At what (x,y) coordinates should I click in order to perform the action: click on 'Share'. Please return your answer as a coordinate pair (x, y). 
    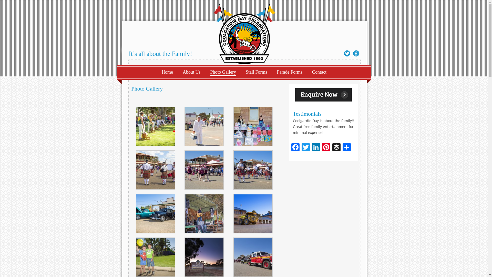
    Looking at the image, I should click on (346, 147).